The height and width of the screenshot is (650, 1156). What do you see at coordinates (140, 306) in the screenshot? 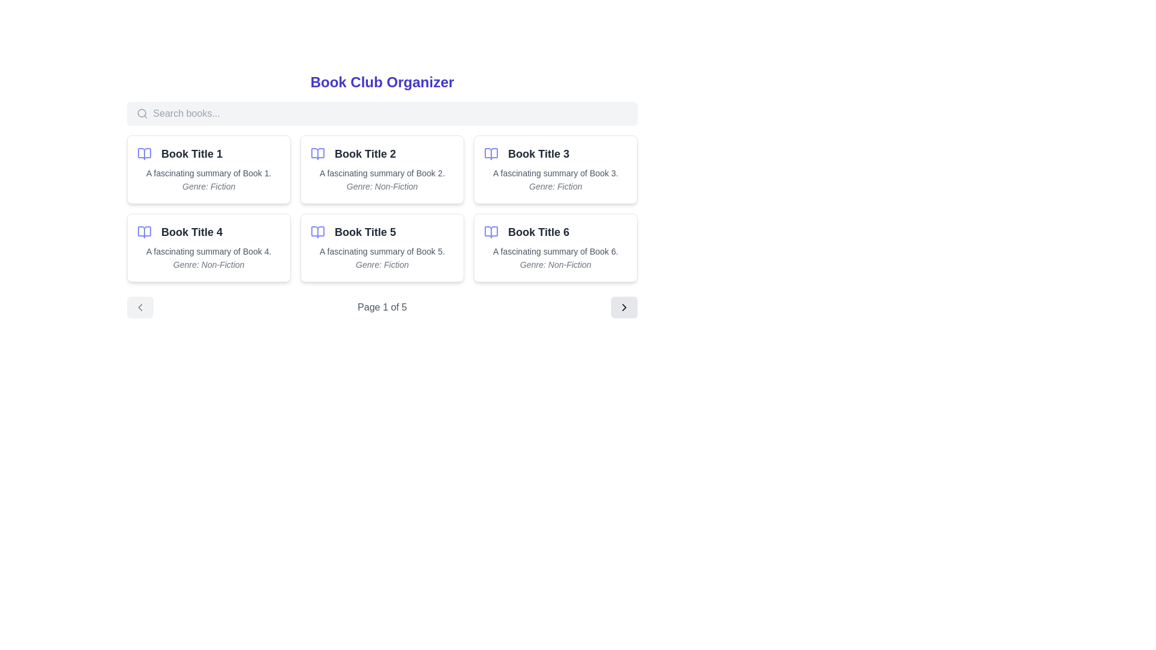
I see `the left-pointing chevron icon within the rounded square button at the bottom-left of the content section` at bounding box center [140, 306].